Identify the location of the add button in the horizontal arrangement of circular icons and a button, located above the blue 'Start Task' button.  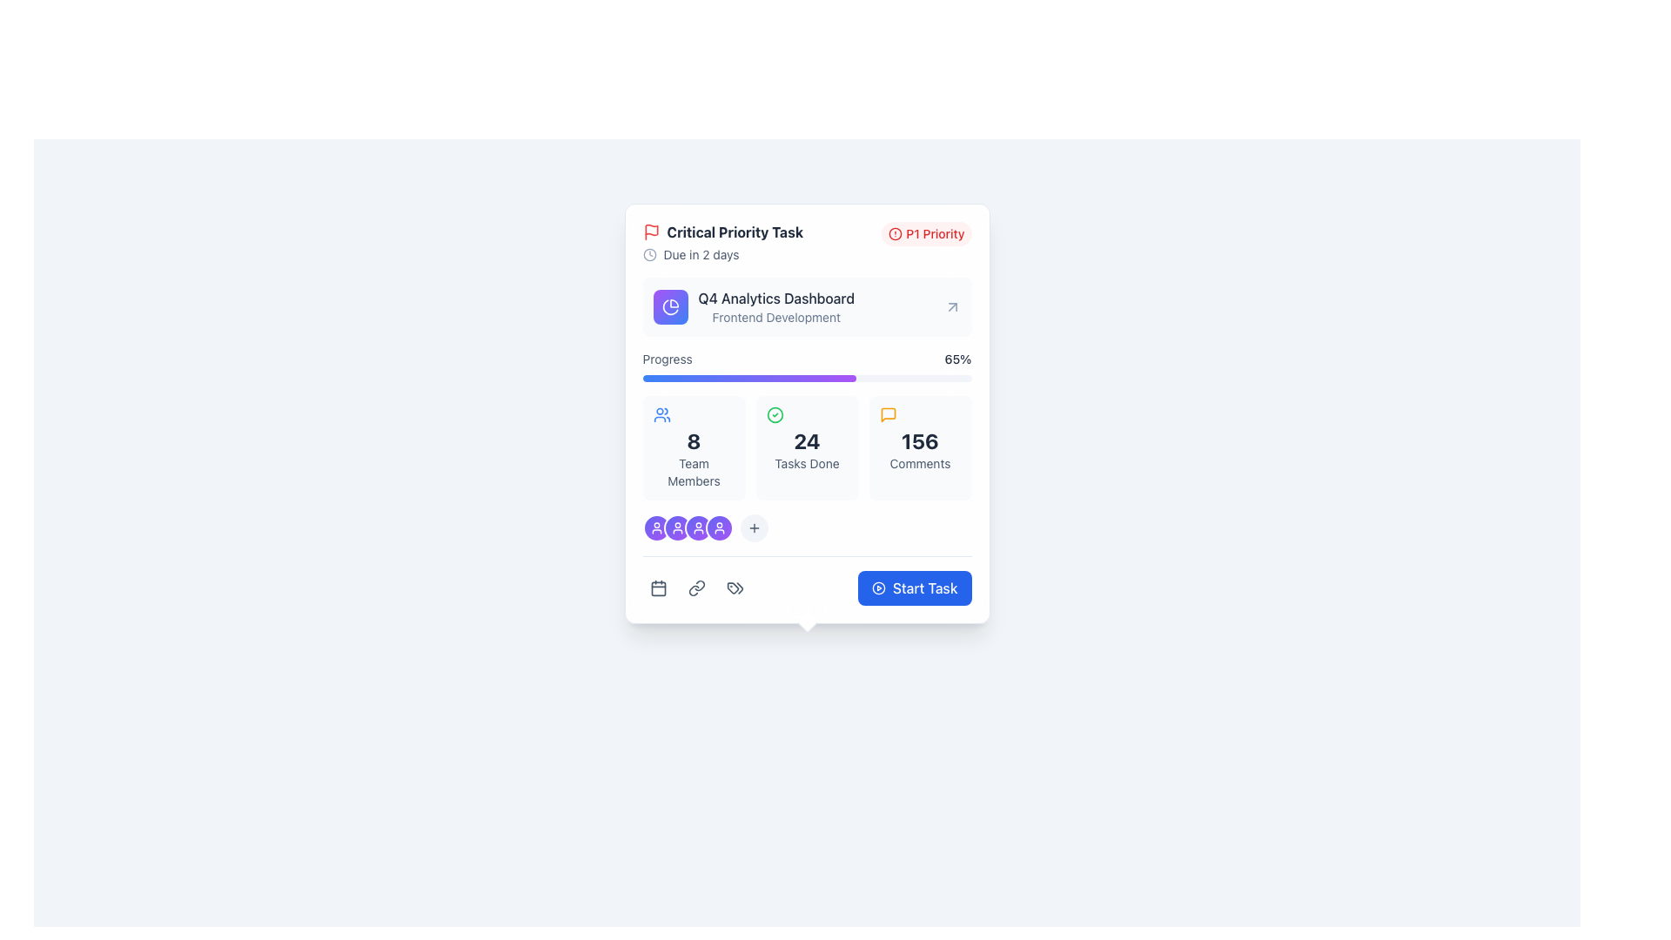
(806, 527).